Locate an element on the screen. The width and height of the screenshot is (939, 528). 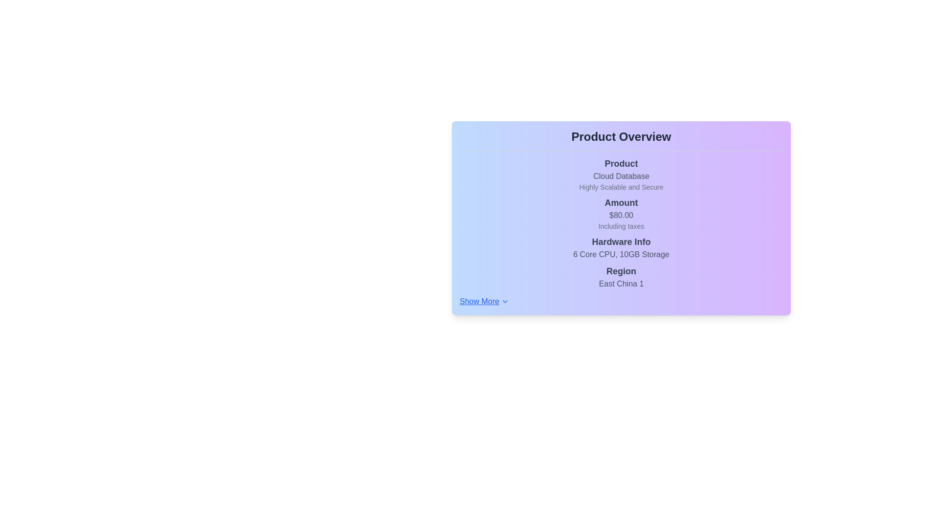
the text label reading 'Region', which is styled in bold and dark gray, located above the text 'East China 1' in the 'Product Overview' panel is located at coordinates (621, 271).